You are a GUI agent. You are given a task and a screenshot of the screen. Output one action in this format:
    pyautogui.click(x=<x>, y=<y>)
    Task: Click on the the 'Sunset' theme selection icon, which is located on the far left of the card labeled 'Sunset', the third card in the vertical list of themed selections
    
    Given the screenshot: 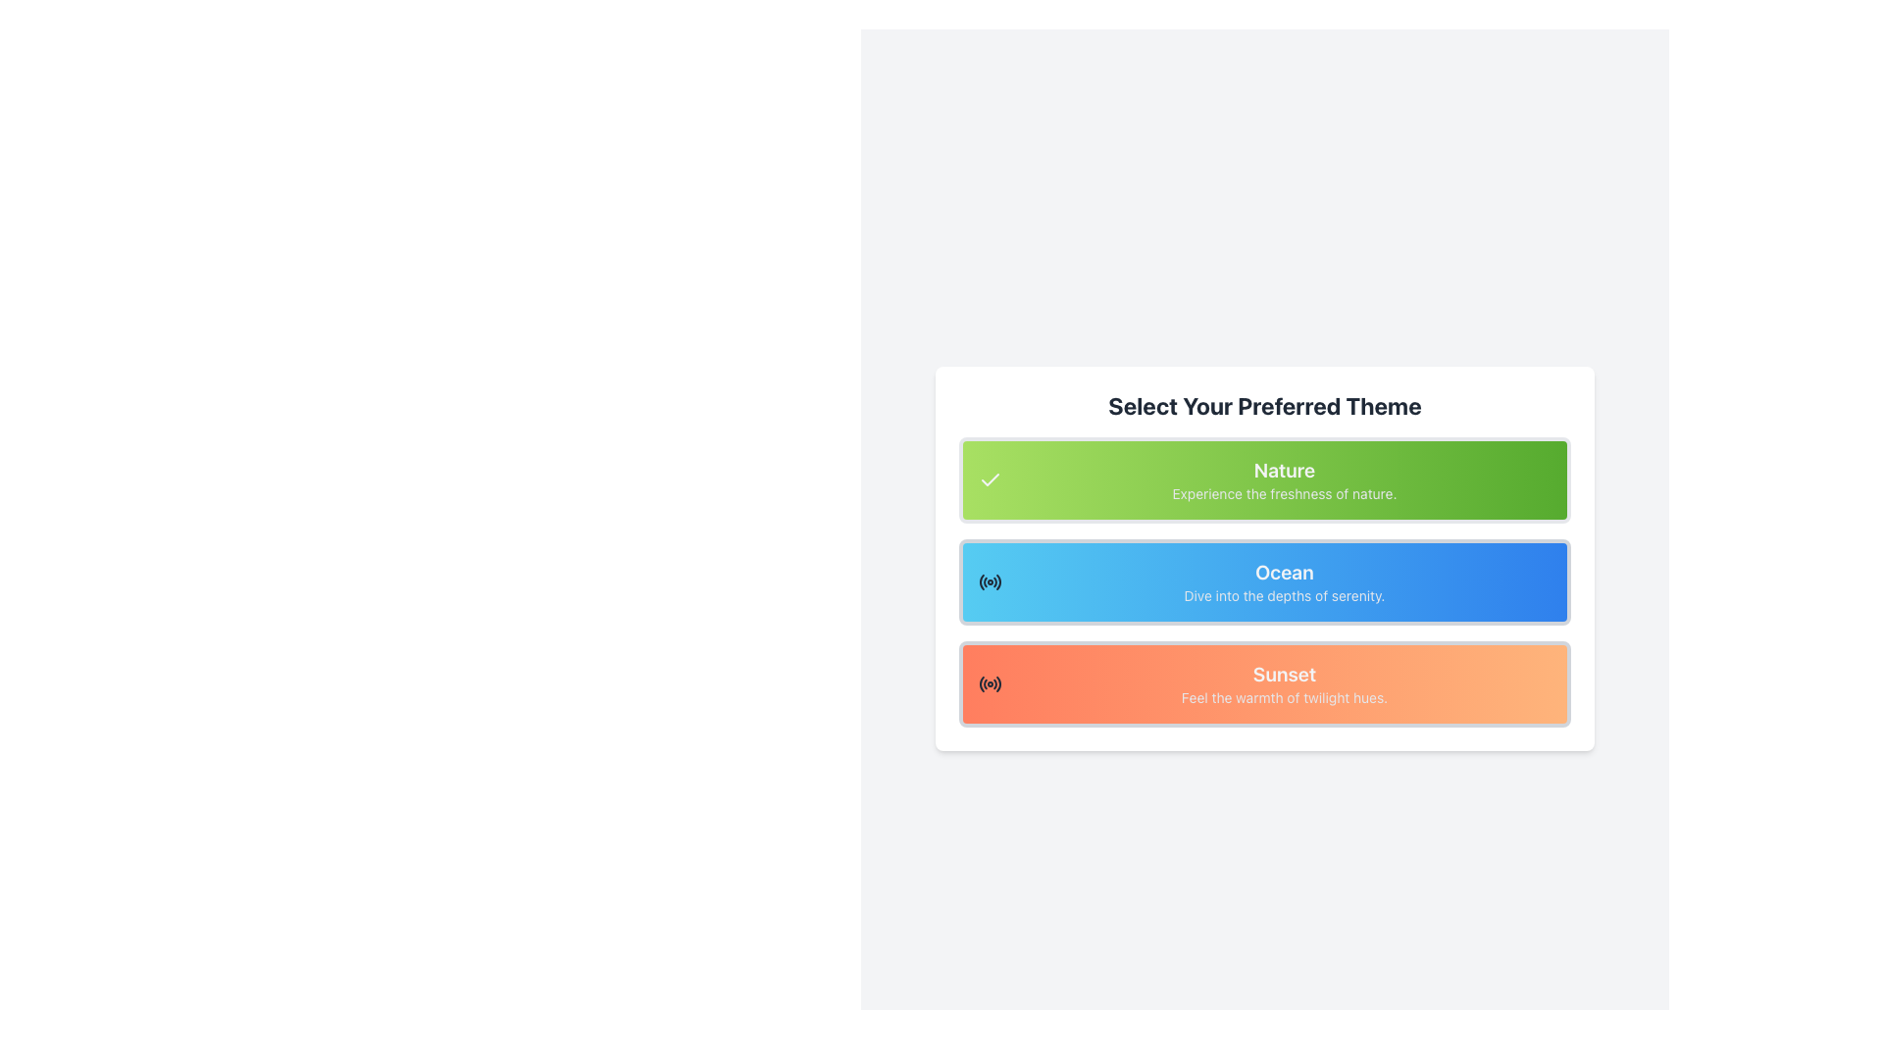 What is the action you would take?
    pyautogui.click(x=990, y=683)
    